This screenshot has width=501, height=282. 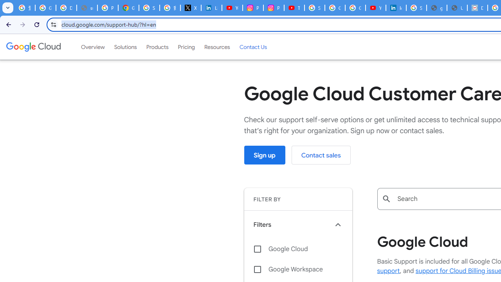 I want to click on 'Sign up', so click(x=265, y=155).